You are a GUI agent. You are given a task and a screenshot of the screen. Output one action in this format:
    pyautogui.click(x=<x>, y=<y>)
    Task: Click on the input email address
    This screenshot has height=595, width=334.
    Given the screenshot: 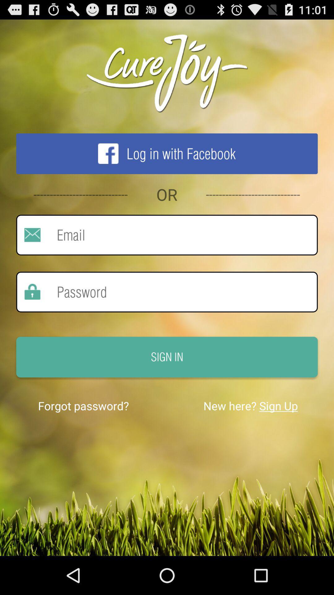 What is the action you would take?
    pyautogui.click(x=179, y=235)
    